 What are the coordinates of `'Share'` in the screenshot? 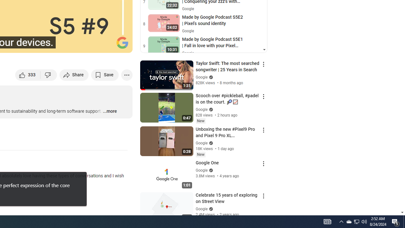 It's located at (74, 74).